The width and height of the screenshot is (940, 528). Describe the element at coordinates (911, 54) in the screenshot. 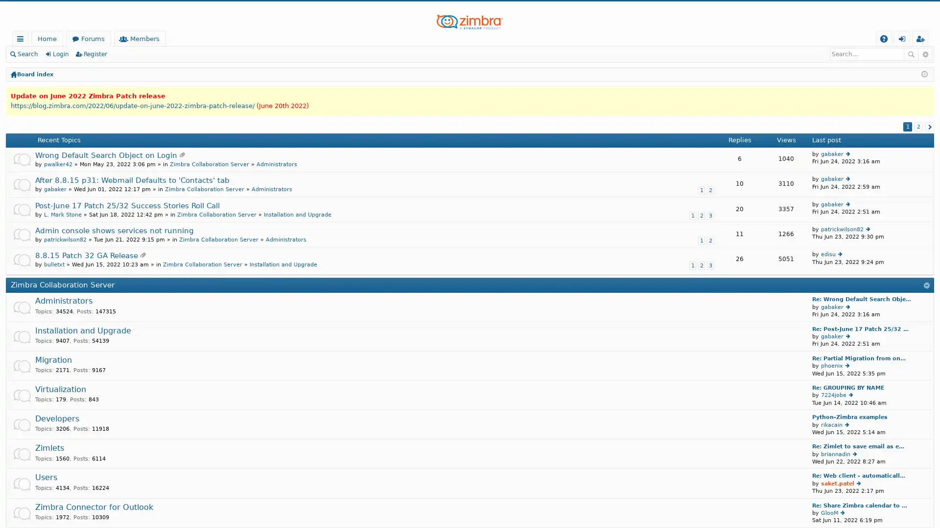

I see `Search` at that location.